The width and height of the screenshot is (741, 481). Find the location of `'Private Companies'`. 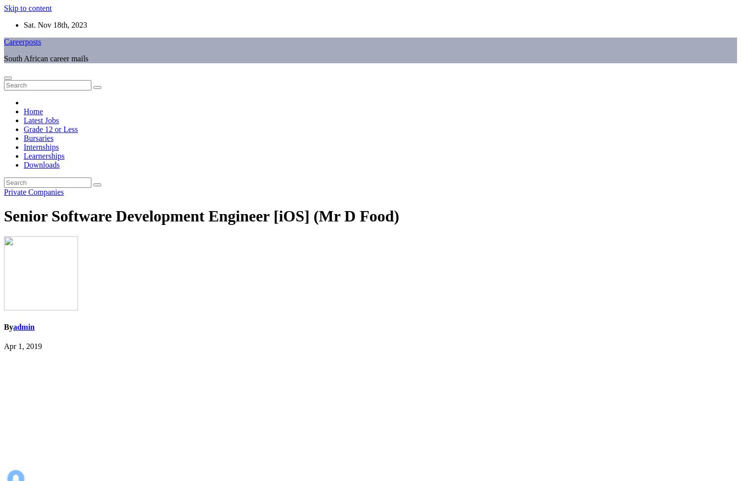

'Private Companies' is located at coordinates (33, 191).